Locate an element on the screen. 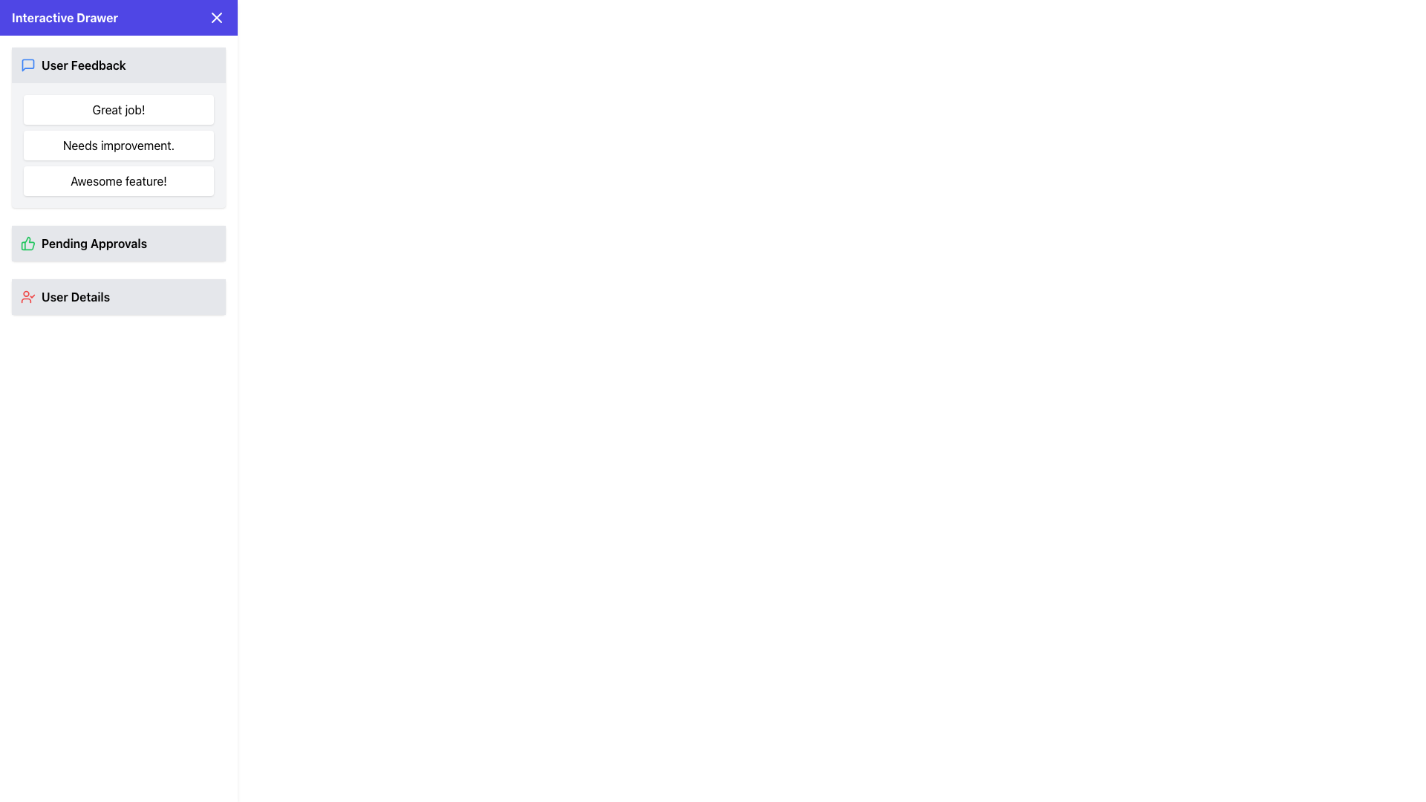 The width and height of the screenshot is (1426, 802). the List item with an icon and label text that depicts a user with a checkmark, styled in red, and labeled 'User Details', located in the bottom section of the sidebar menu, directly underneath 'Pending Approvals' is located at coordinates (65, 297).